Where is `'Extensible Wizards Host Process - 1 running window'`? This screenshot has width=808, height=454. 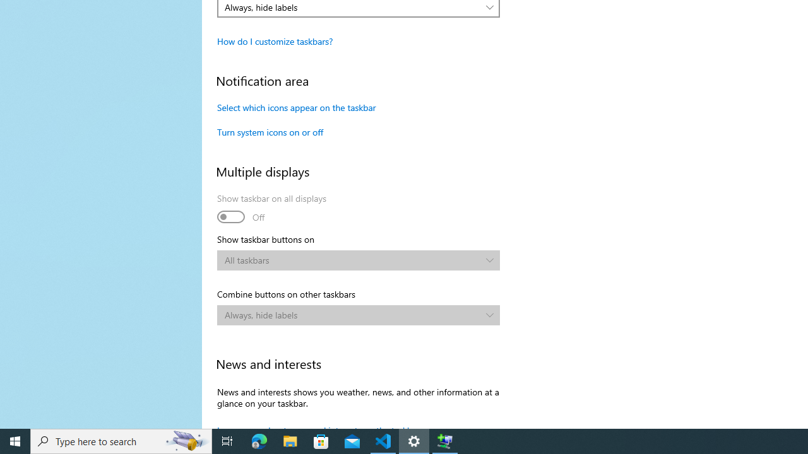
'Extensible Wizards Host Process - 1 running window' is located at coordinates (445, 440).